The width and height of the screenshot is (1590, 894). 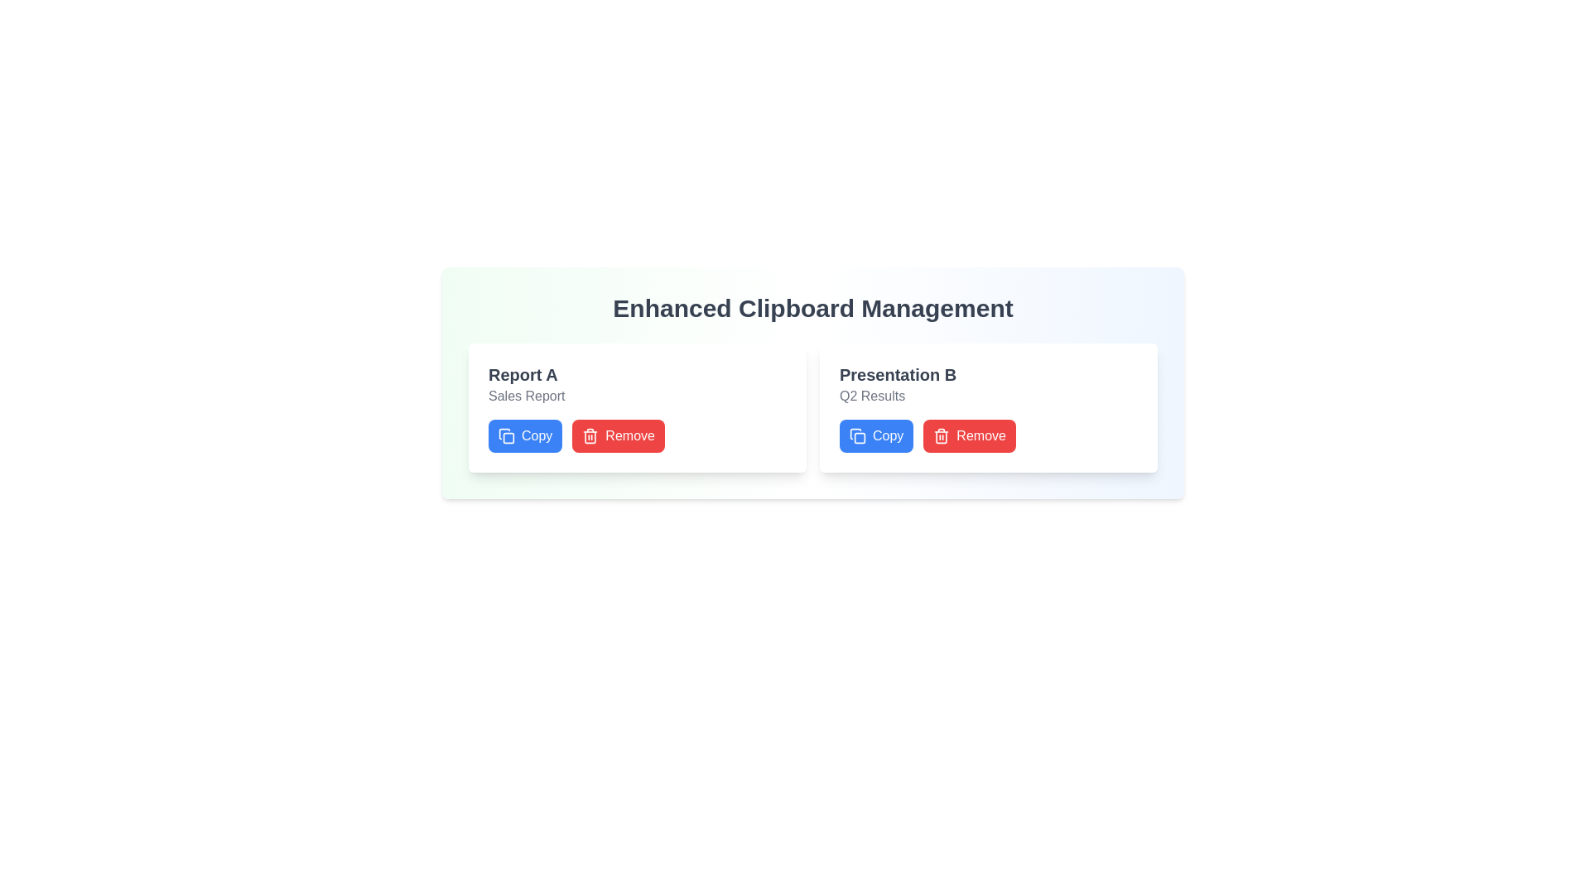 I want to click on the delete button located at the bottom of the 'Report A' card, which is the second button in the group next to the 'Copy' button, so click(x=618, y=435).